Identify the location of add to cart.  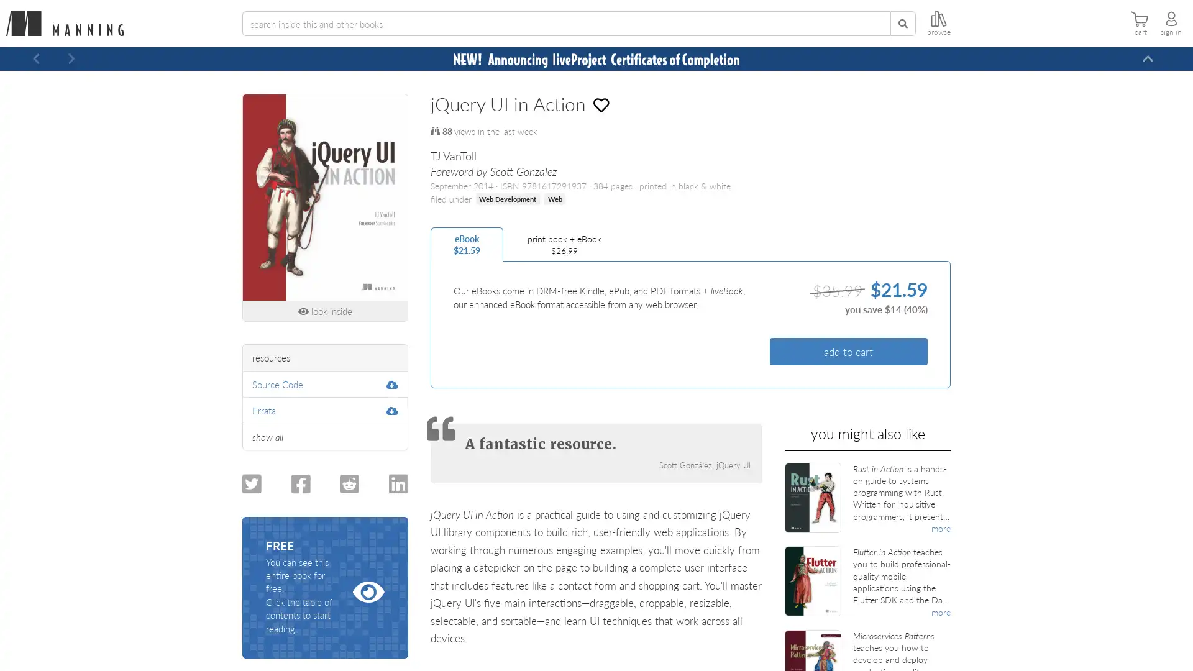
(848, 351).